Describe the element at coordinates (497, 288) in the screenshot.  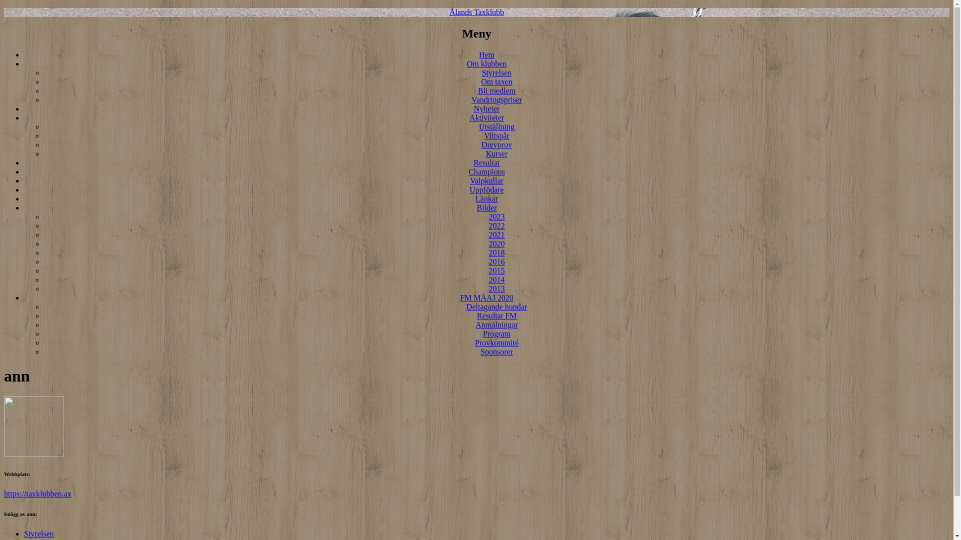
I see `'2013'` at that location.